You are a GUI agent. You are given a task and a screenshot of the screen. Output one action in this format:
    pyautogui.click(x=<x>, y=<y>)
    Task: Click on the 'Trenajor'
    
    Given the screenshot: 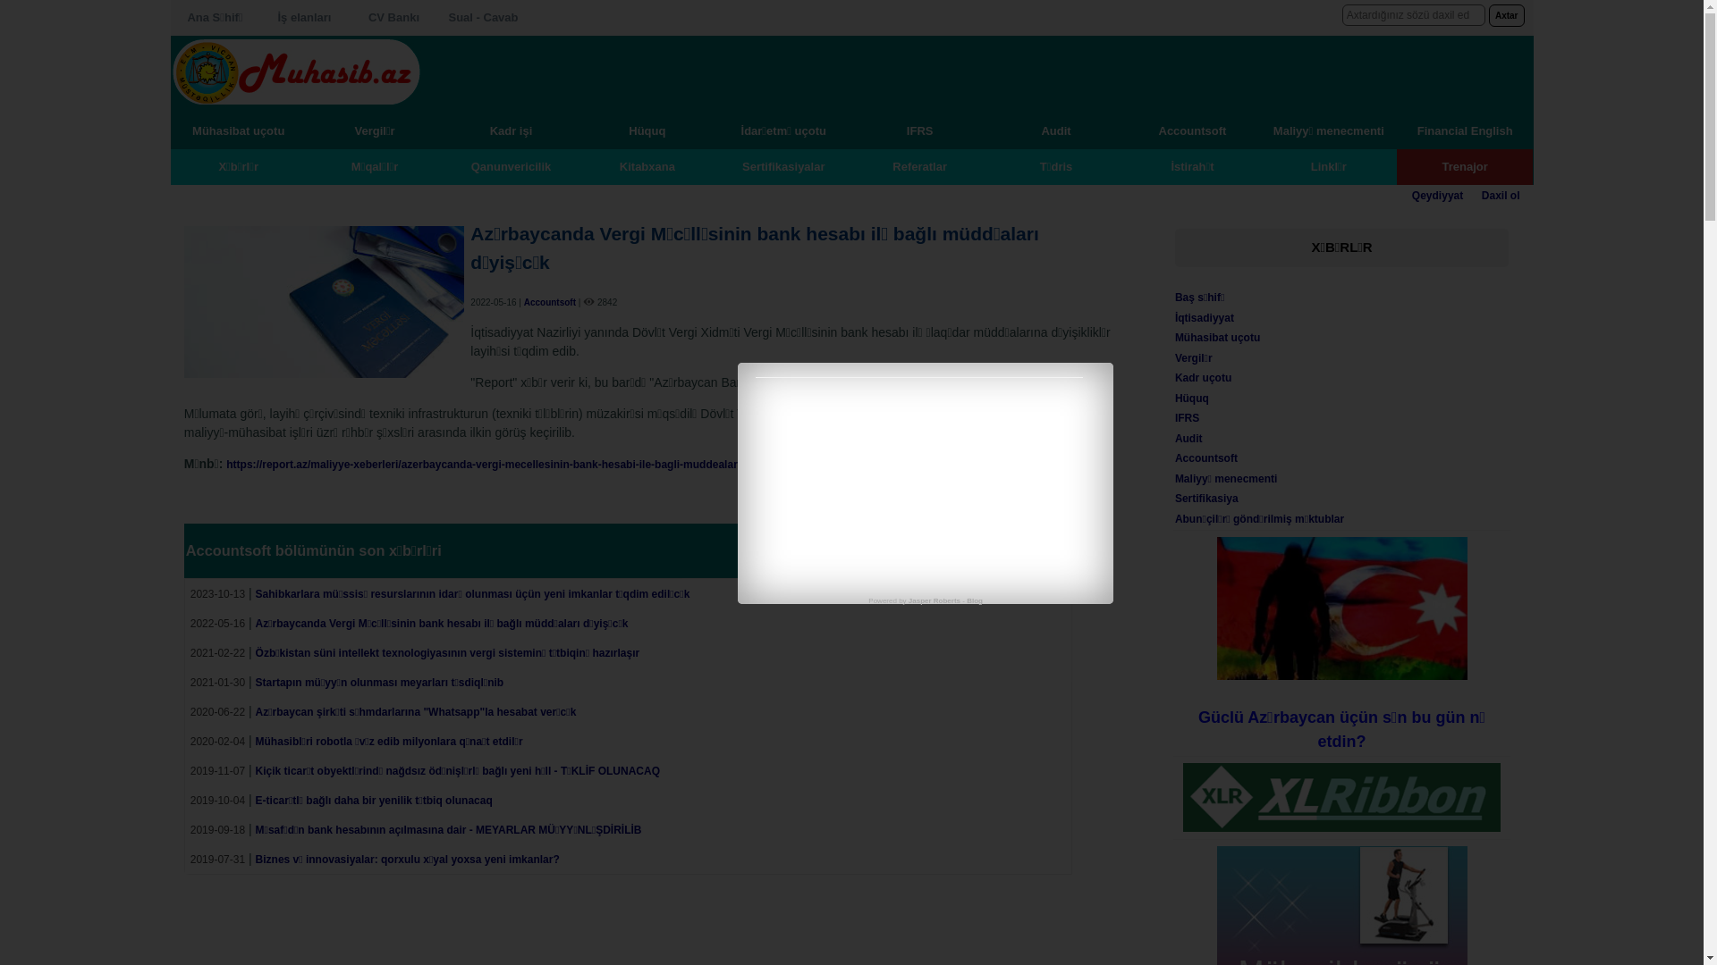 What is the action you would take?
    pyautogui.click(x=1464, y=165)
    